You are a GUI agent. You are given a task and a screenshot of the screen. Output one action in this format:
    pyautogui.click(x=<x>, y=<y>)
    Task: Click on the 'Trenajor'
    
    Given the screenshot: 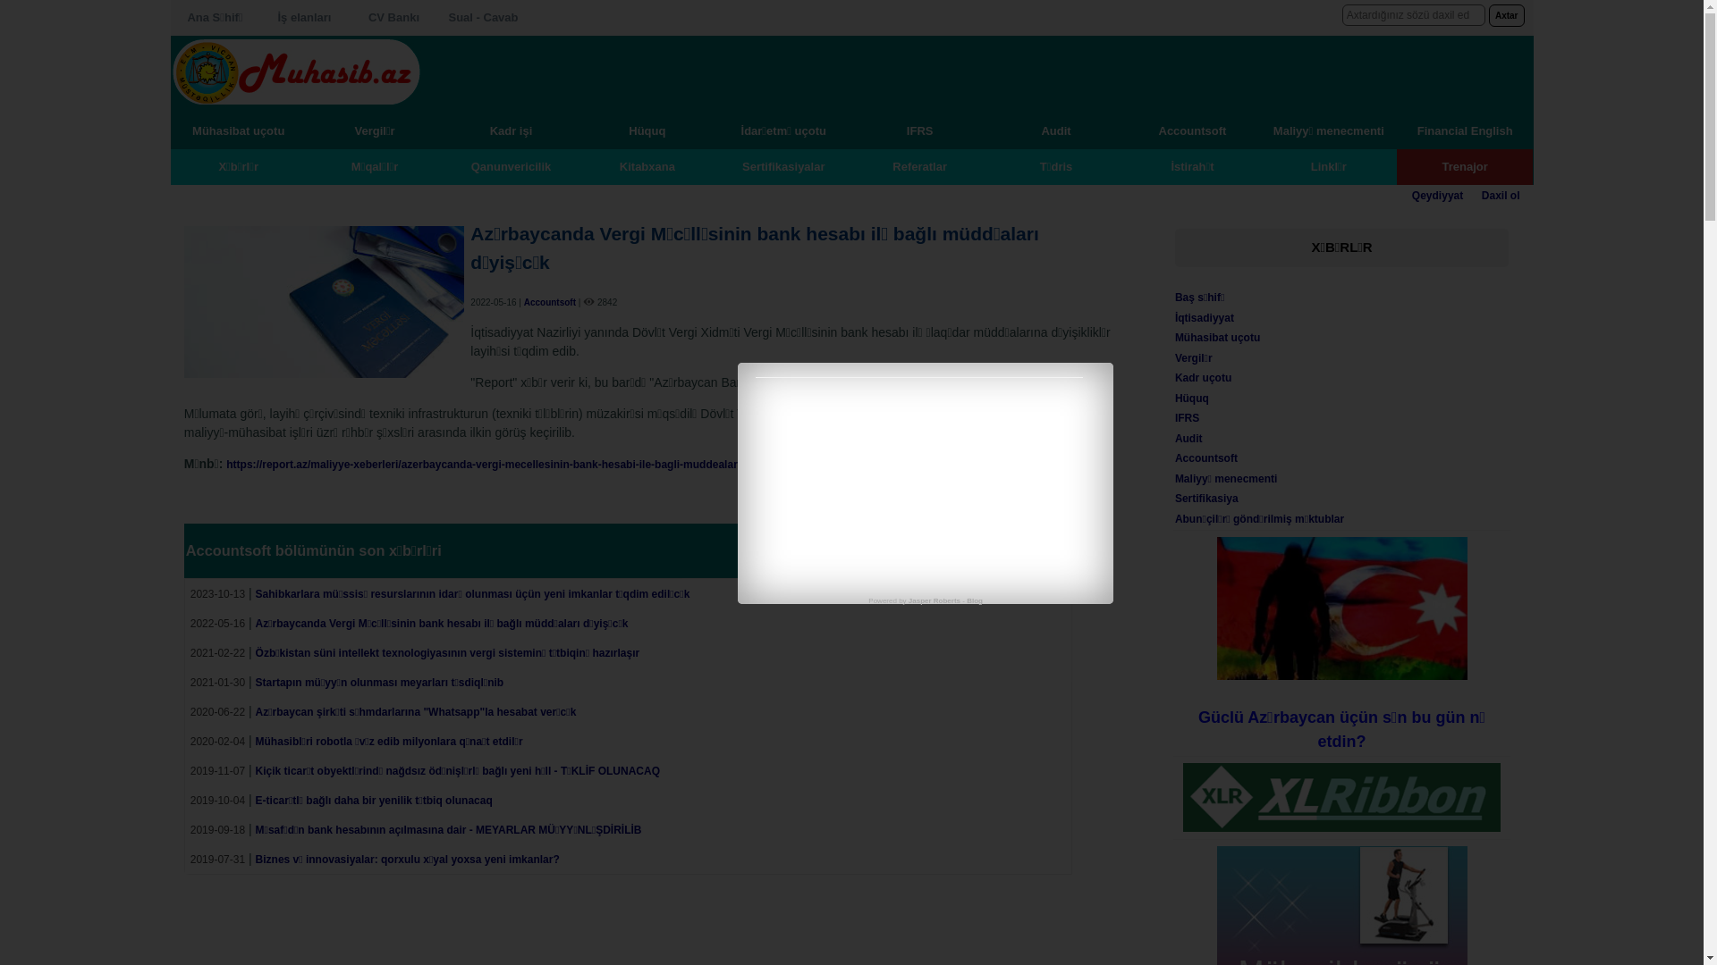 What is the action you would take?
    pyautogui.click(x=1464, y=165)
    